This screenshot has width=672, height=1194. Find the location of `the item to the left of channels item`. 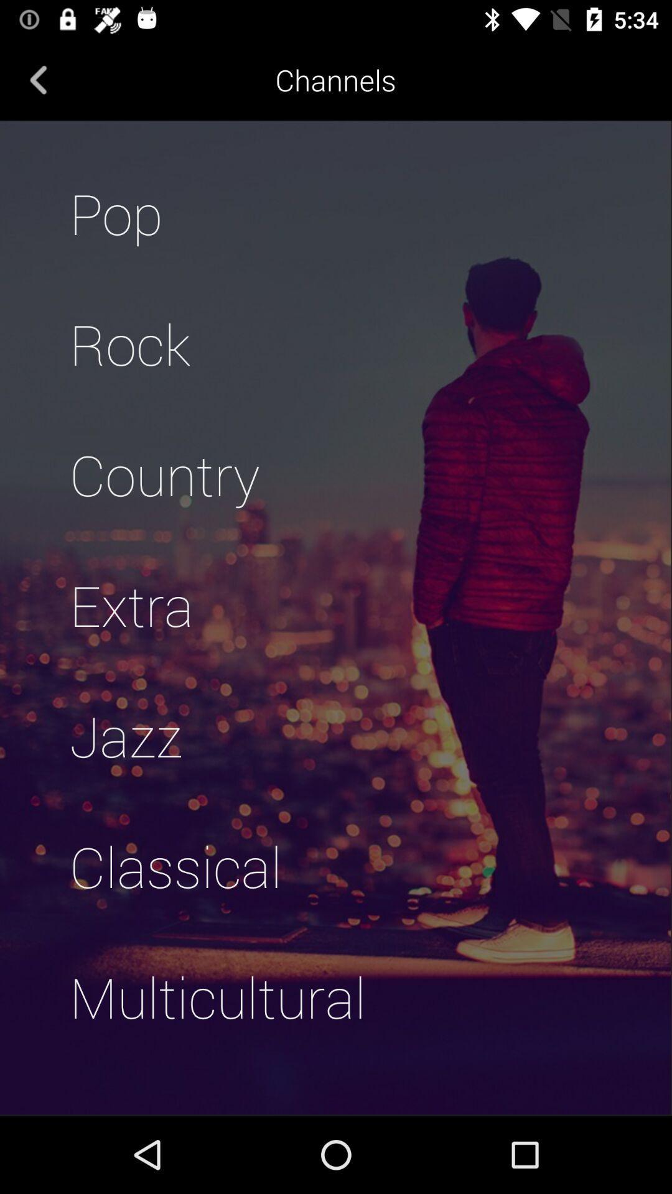

the item to the left of channels item is located at coordinates (38, 79).